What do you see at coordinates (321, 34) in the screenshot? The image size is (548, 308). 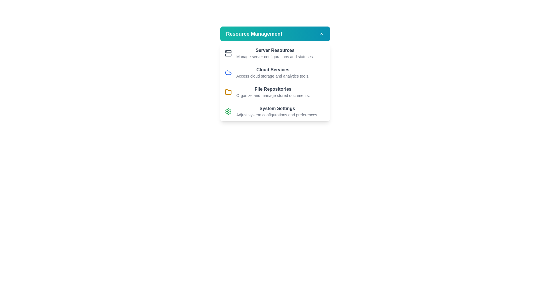 I see `the collapse/minimize icon located to the right of the 'Resource Management' text in the header section` at bounding box center [321, 34].